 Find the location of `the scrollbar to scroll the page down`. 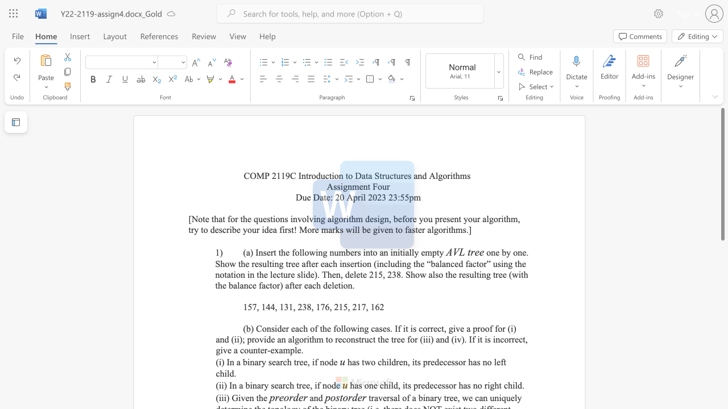

the scrollbar to scroll the page down is located at coordinates (722, 273).